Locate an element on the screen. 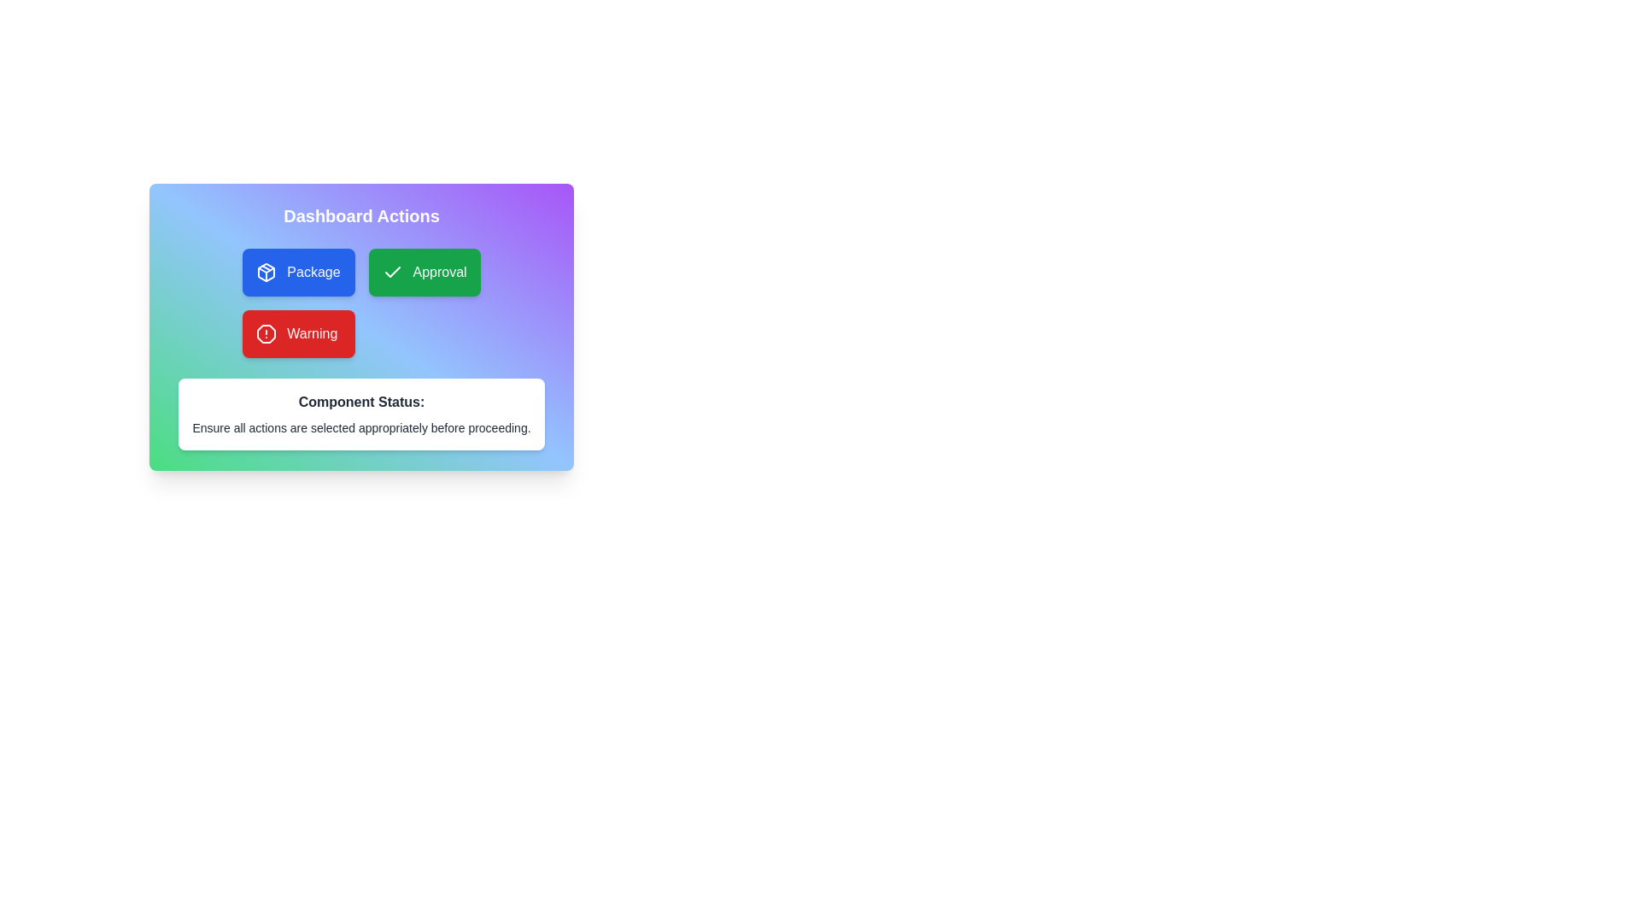 The width and height of the screenshot is (1640, 923). the Static Informational Text Block that displays the status of the component, which includes the text 'Component Status:' and 'Ensure all actions are selected appropriately before proceeding.' is located at coordinates (360, 414).